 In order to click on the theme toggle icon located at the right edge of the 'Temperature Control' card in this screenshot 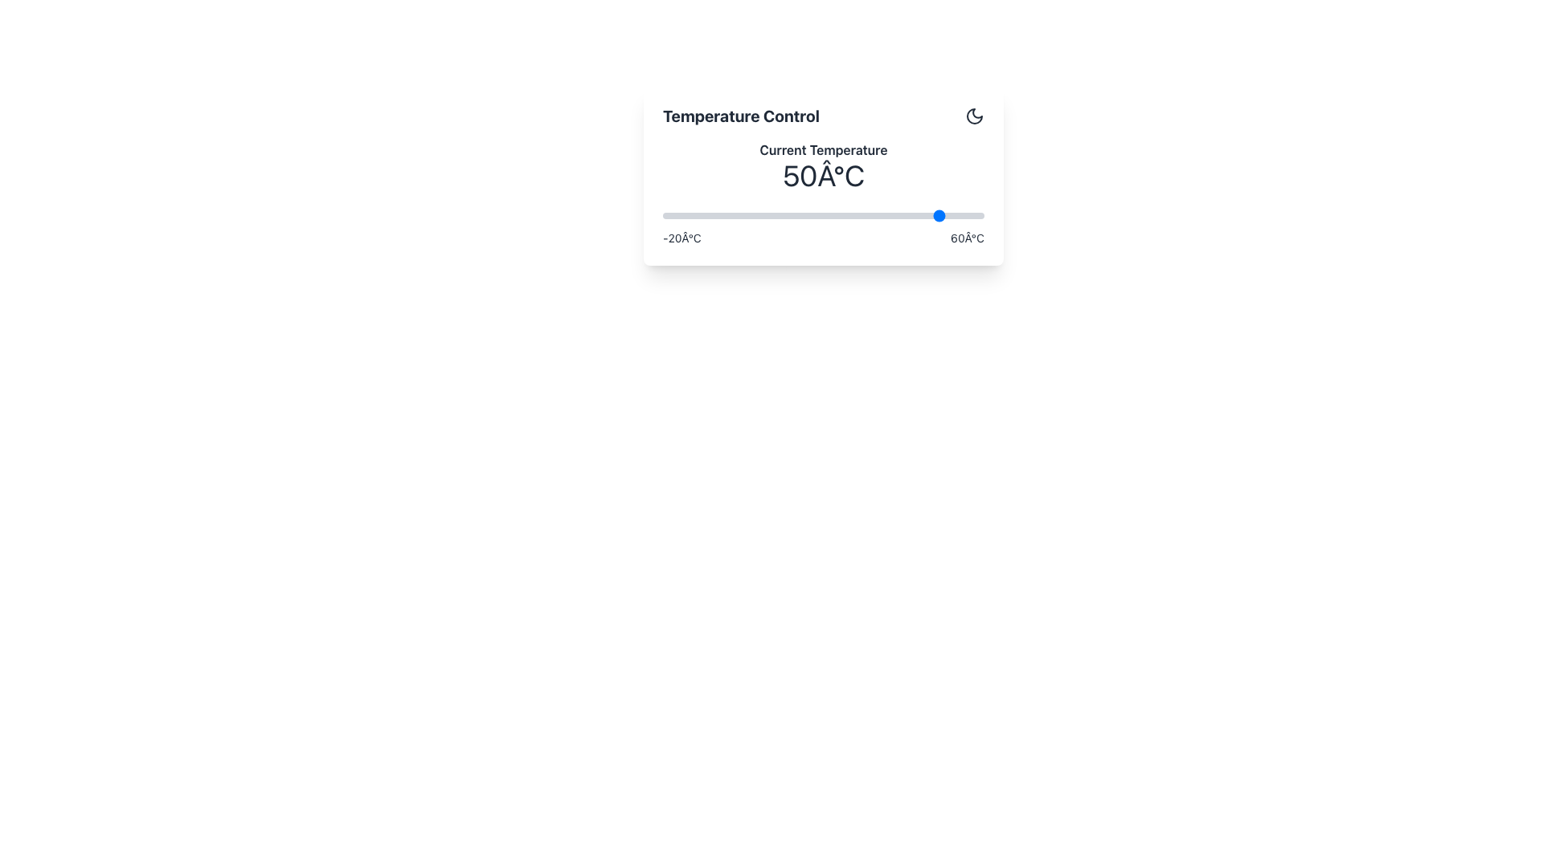, I will do `click(974, 116)`.